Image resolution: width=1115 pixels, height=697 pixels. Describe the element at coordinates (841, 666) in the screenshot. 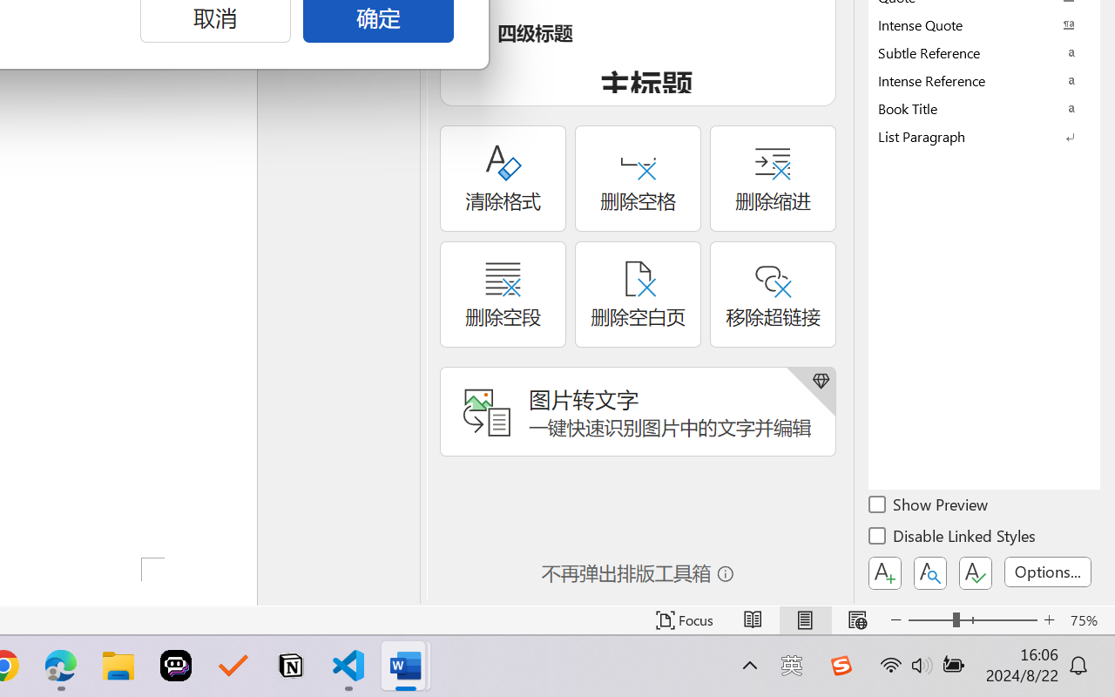

I see `'Class: Image'` at that location.